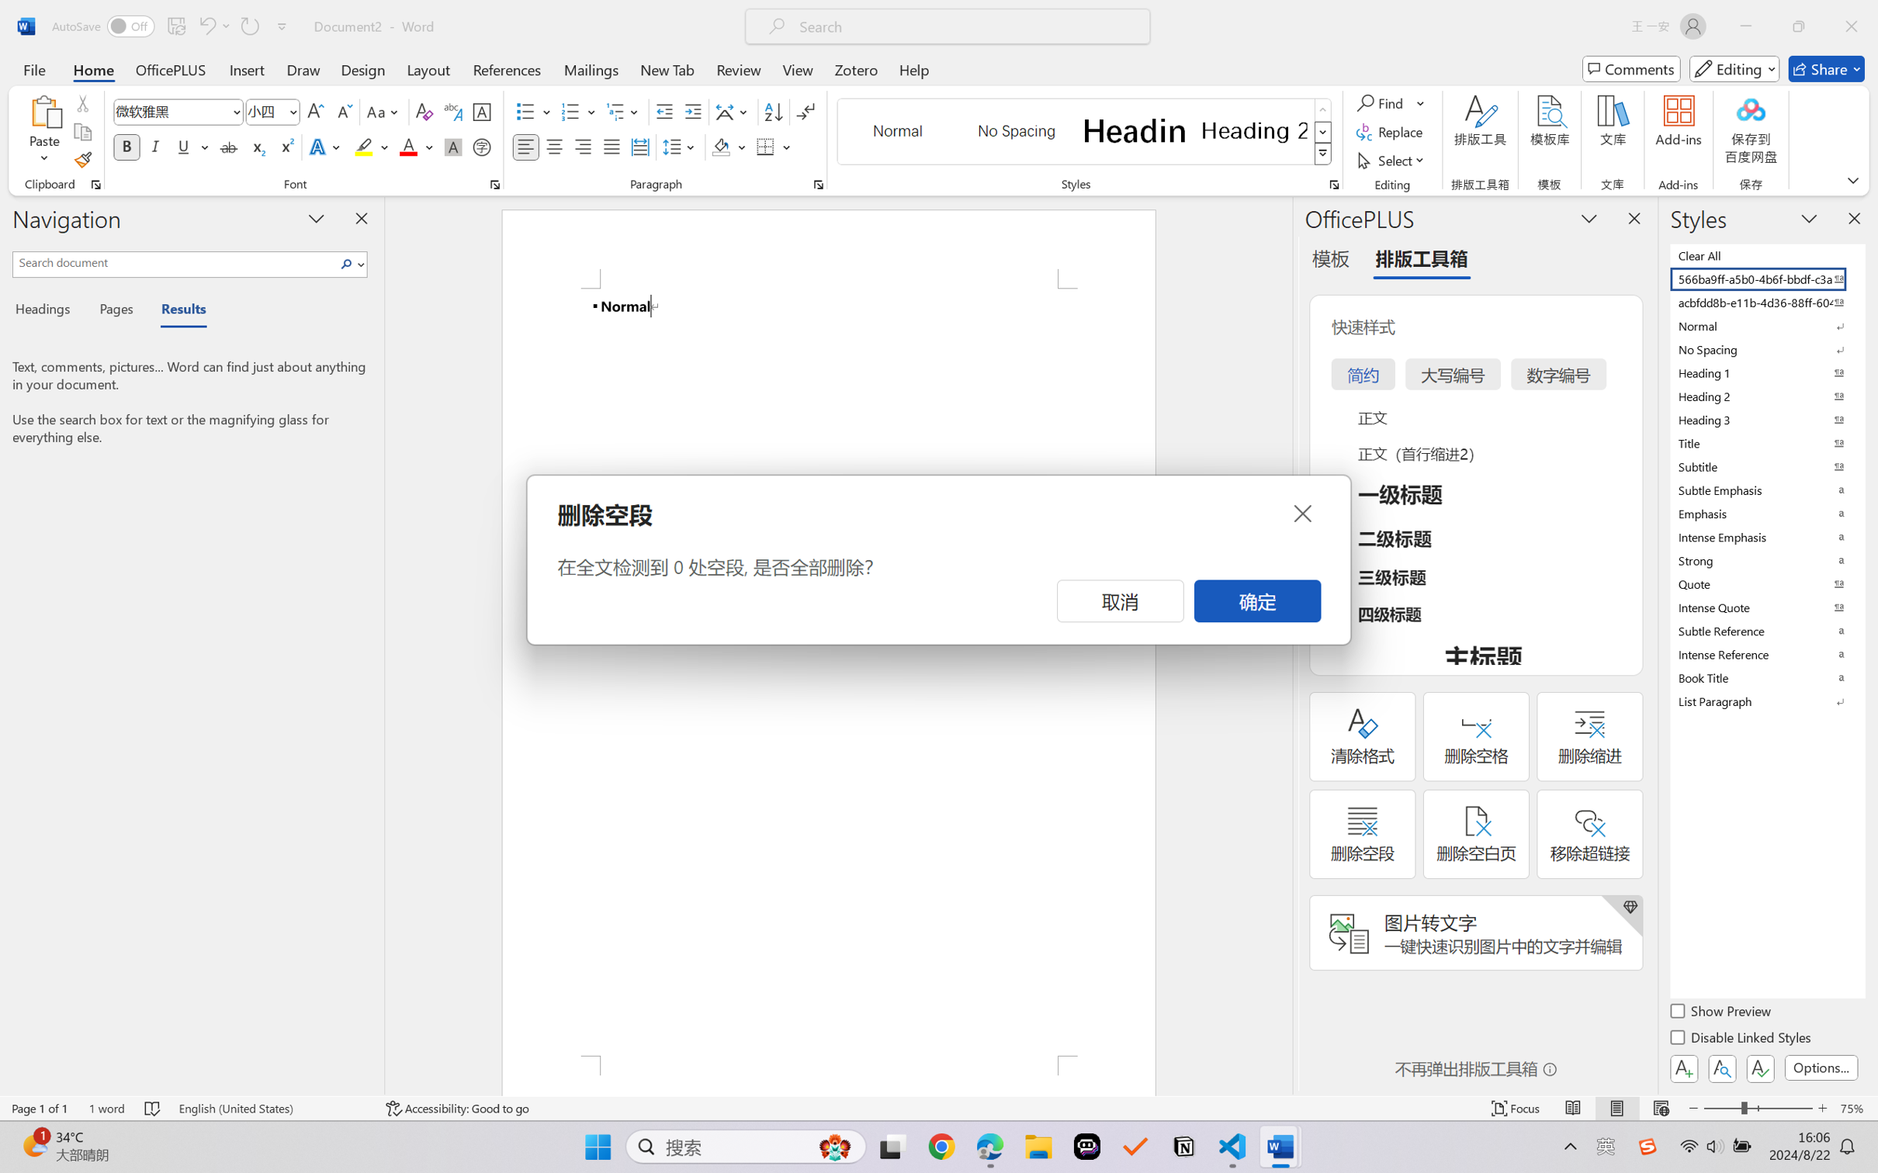  Describe the element at coordinates (265, 112) in the screenshot. I see `'Font Size'` at that location.